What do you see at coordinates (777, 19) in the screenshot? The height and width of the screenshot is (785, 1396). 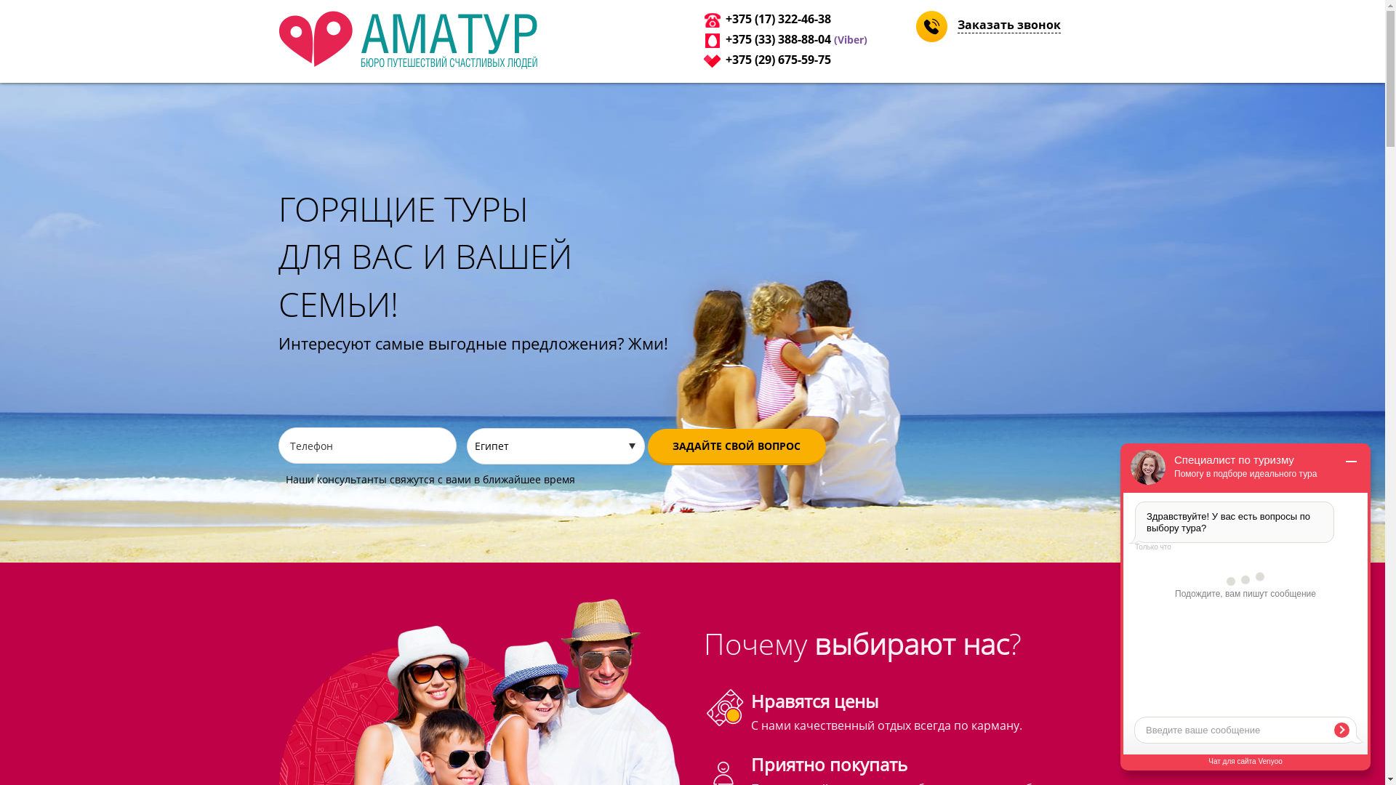 I see `'+375 (17) 322-46-38'` at bounding box center [777, 19].